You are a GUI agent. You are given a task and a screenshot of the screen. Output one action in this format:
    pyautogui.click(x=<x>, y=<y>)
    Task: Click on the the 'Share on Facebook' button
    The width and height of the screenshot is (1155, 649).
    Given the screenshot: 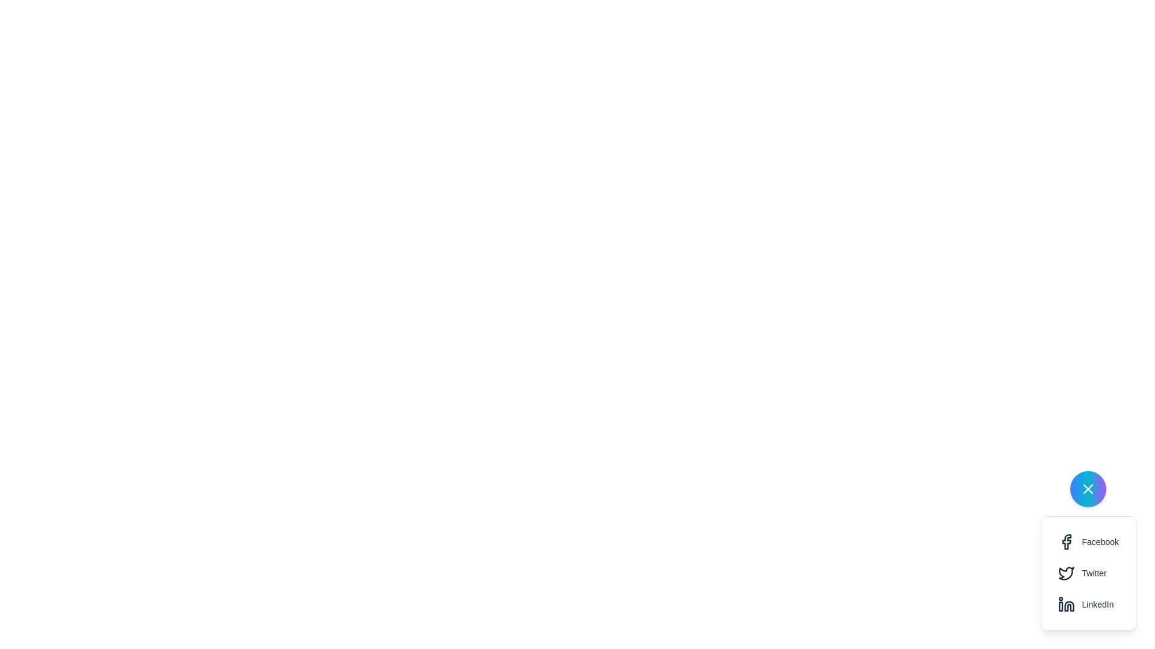 What is the action you would take?
    pyautogui.click(x=1088, y=542)
    